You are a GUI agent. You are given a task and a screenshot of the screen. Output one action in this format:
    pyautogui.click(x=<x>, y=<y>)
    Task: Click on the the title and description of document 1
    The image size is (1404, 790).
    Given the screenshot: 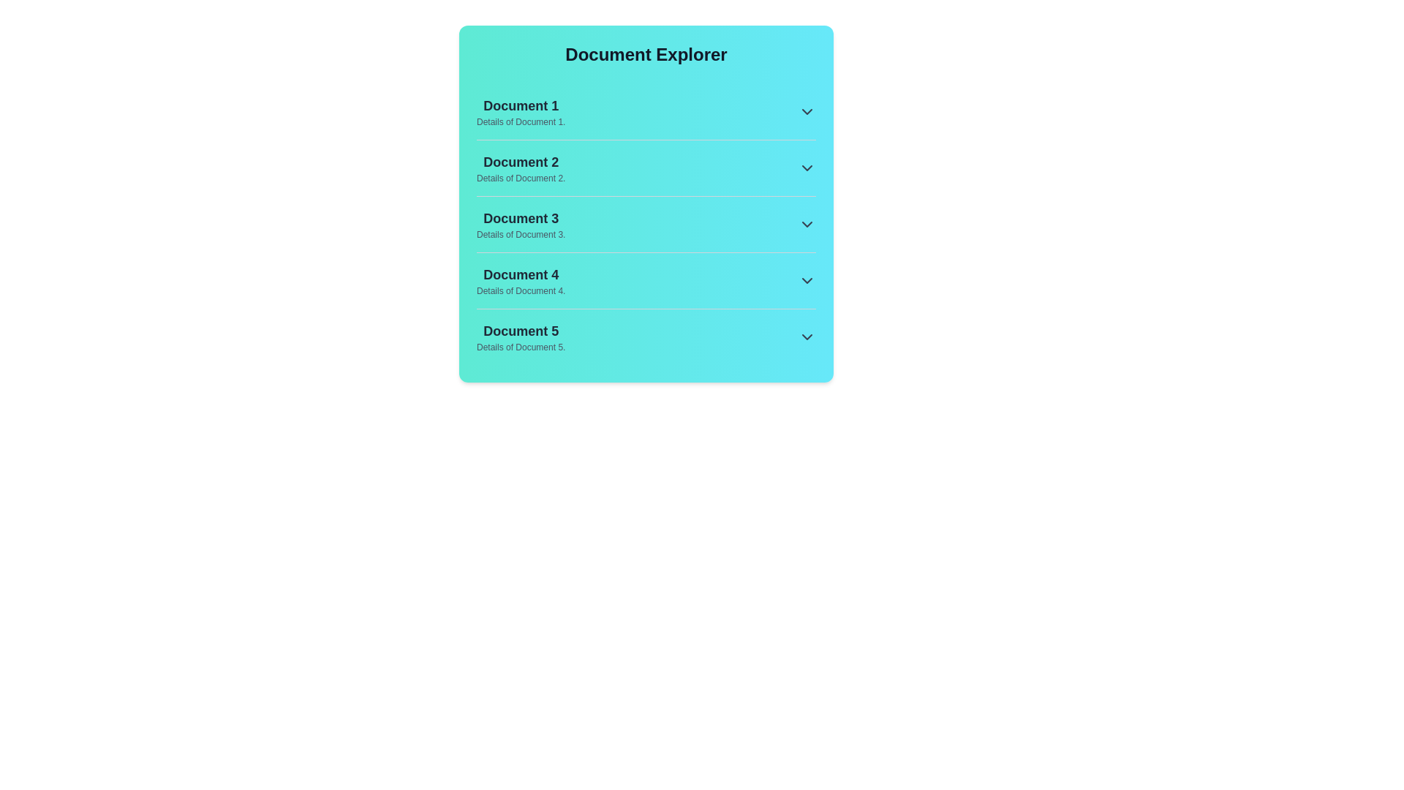 What is the action you would take?
    pyautogui.click(x=521, y=105)
    